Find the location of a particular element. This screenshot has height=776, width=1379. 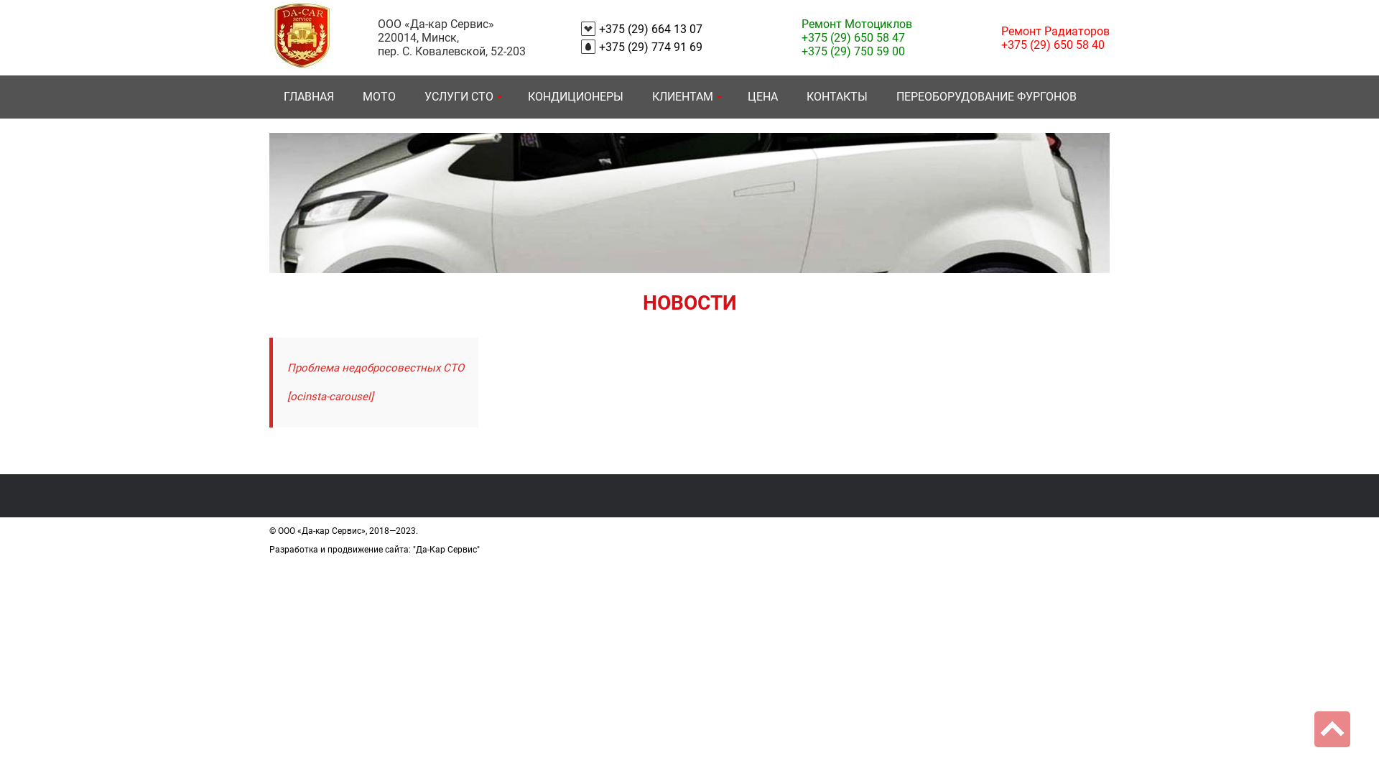

'+375 (29) 774 91 69' is located at coordinates (650, 46).